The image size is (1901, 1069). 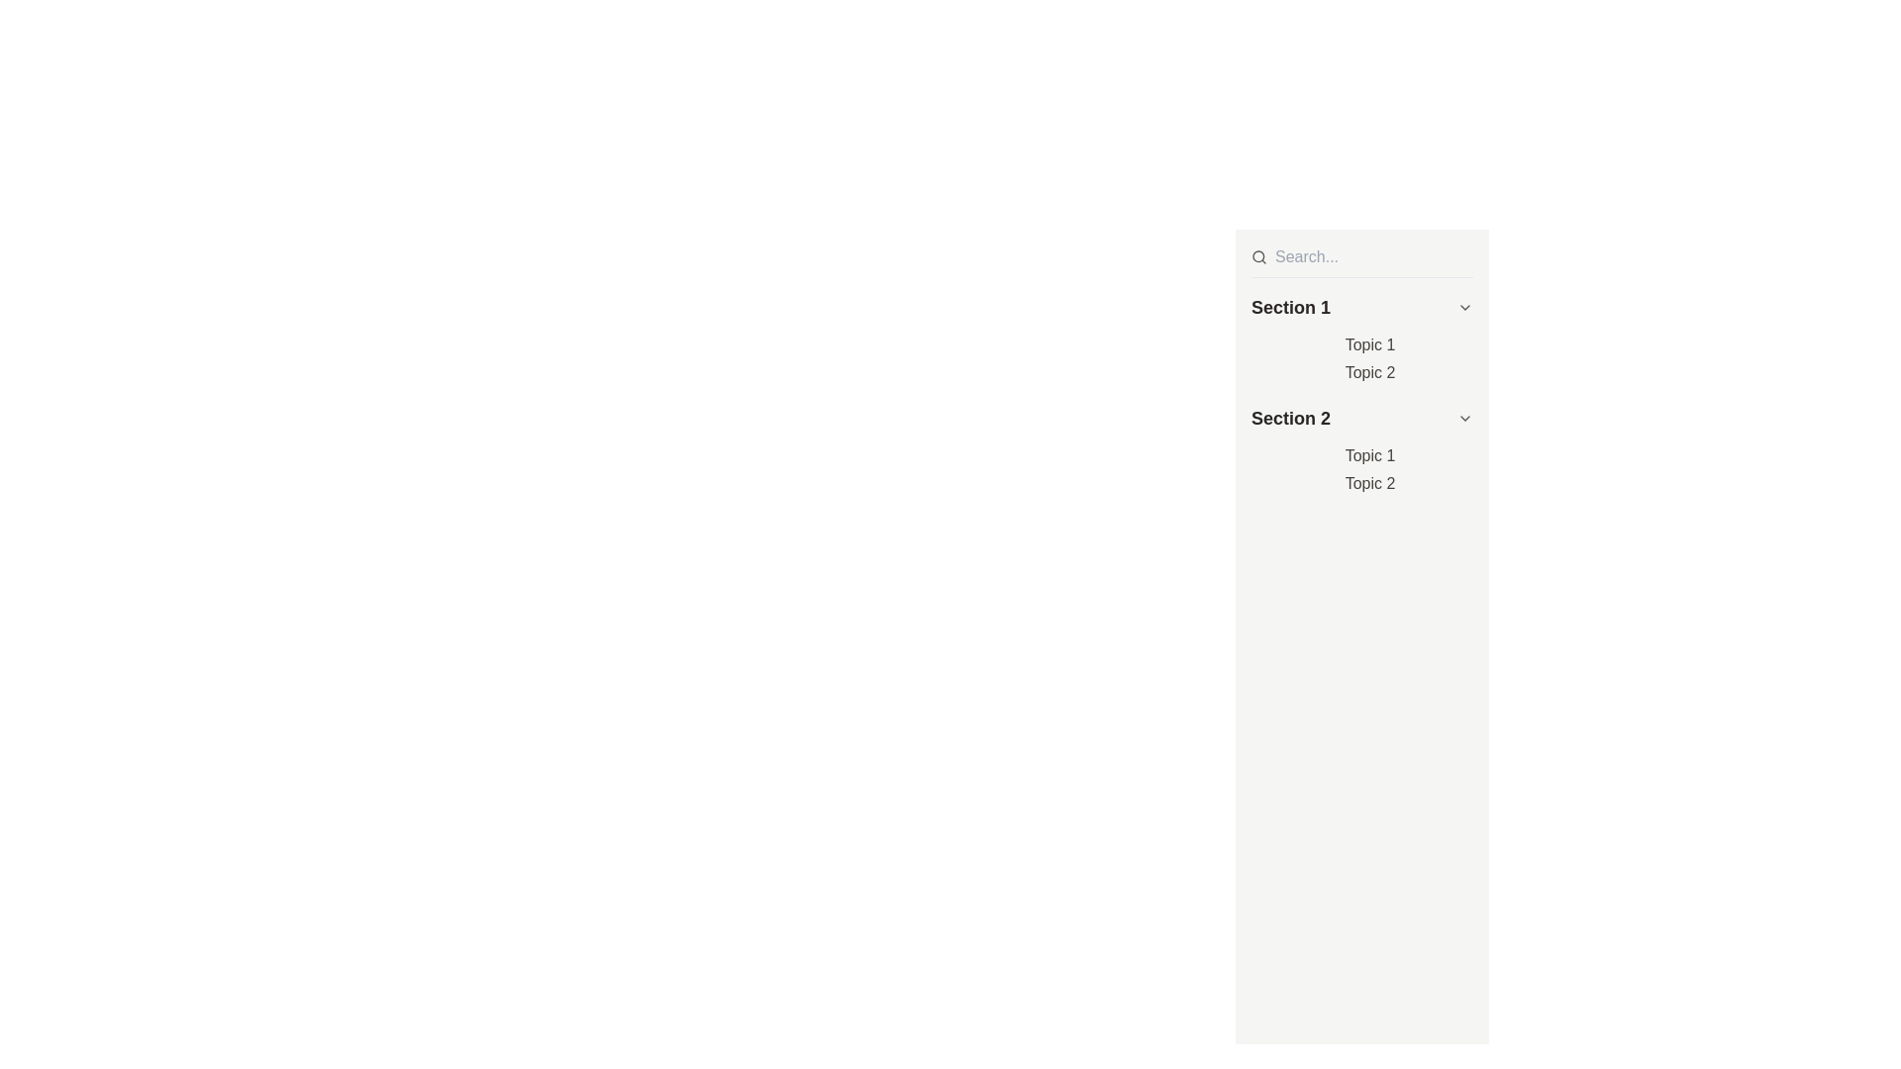 I want to click on the second hyperlink under 'Section 1' in the sidebar, so click(x=1368, y=372).